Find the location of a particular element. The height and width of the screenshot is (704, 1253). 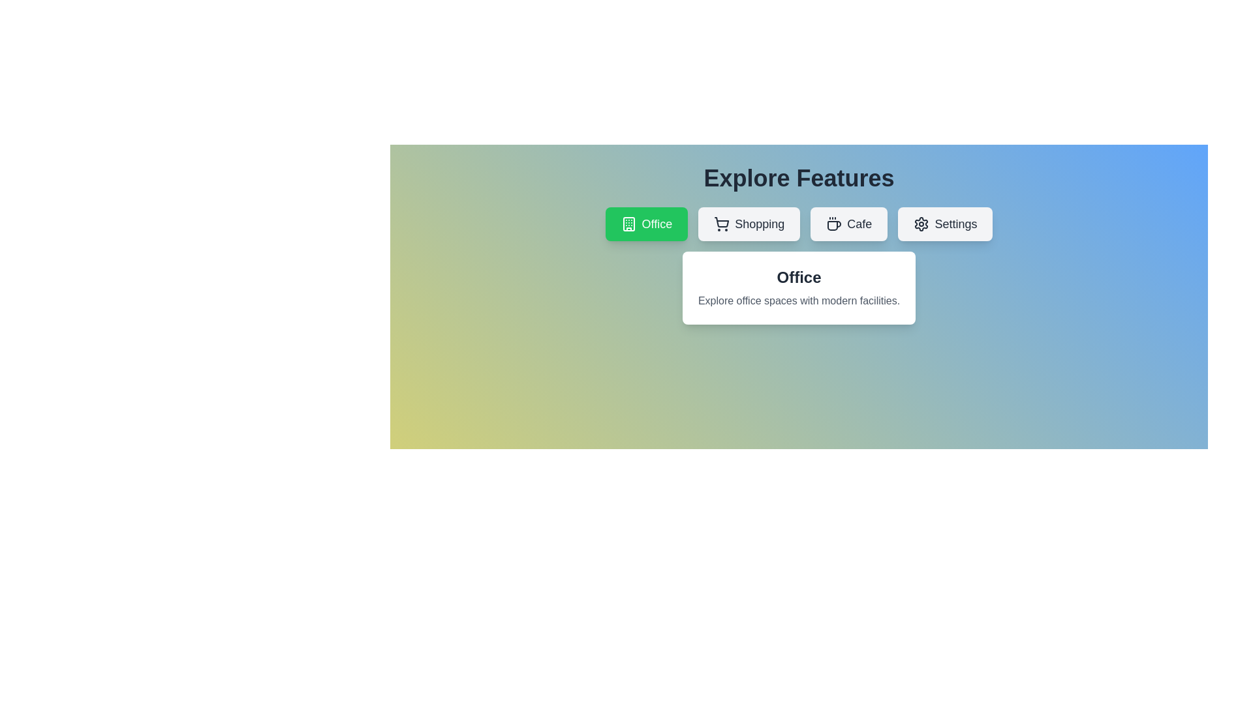

the button labeled Cafe to observe its hover effect is located at coordinates (849, 223).